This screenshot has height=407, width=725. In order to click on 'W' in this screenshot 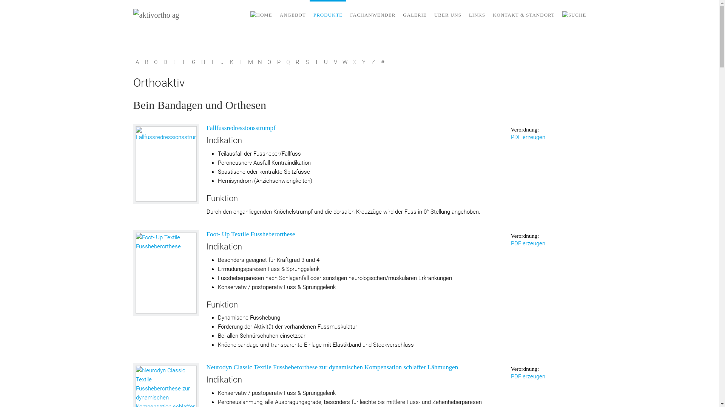, I will do `click(344, 62)`.